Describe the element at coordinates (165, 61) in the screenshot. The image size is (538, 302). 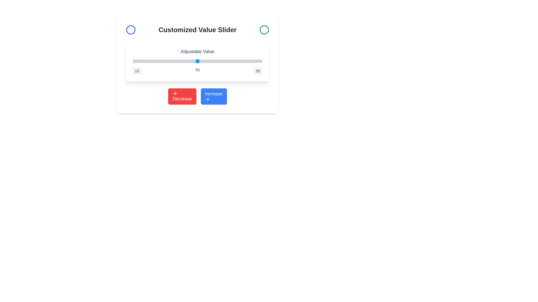
I see `the slider value` at that location.